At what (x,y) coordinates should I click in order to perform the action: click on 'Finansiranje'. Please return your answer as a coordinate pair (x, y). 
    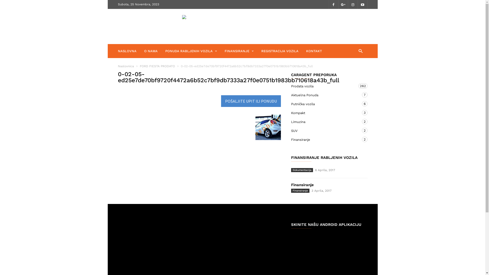
    Looking at the image, I should click on (300, 190).